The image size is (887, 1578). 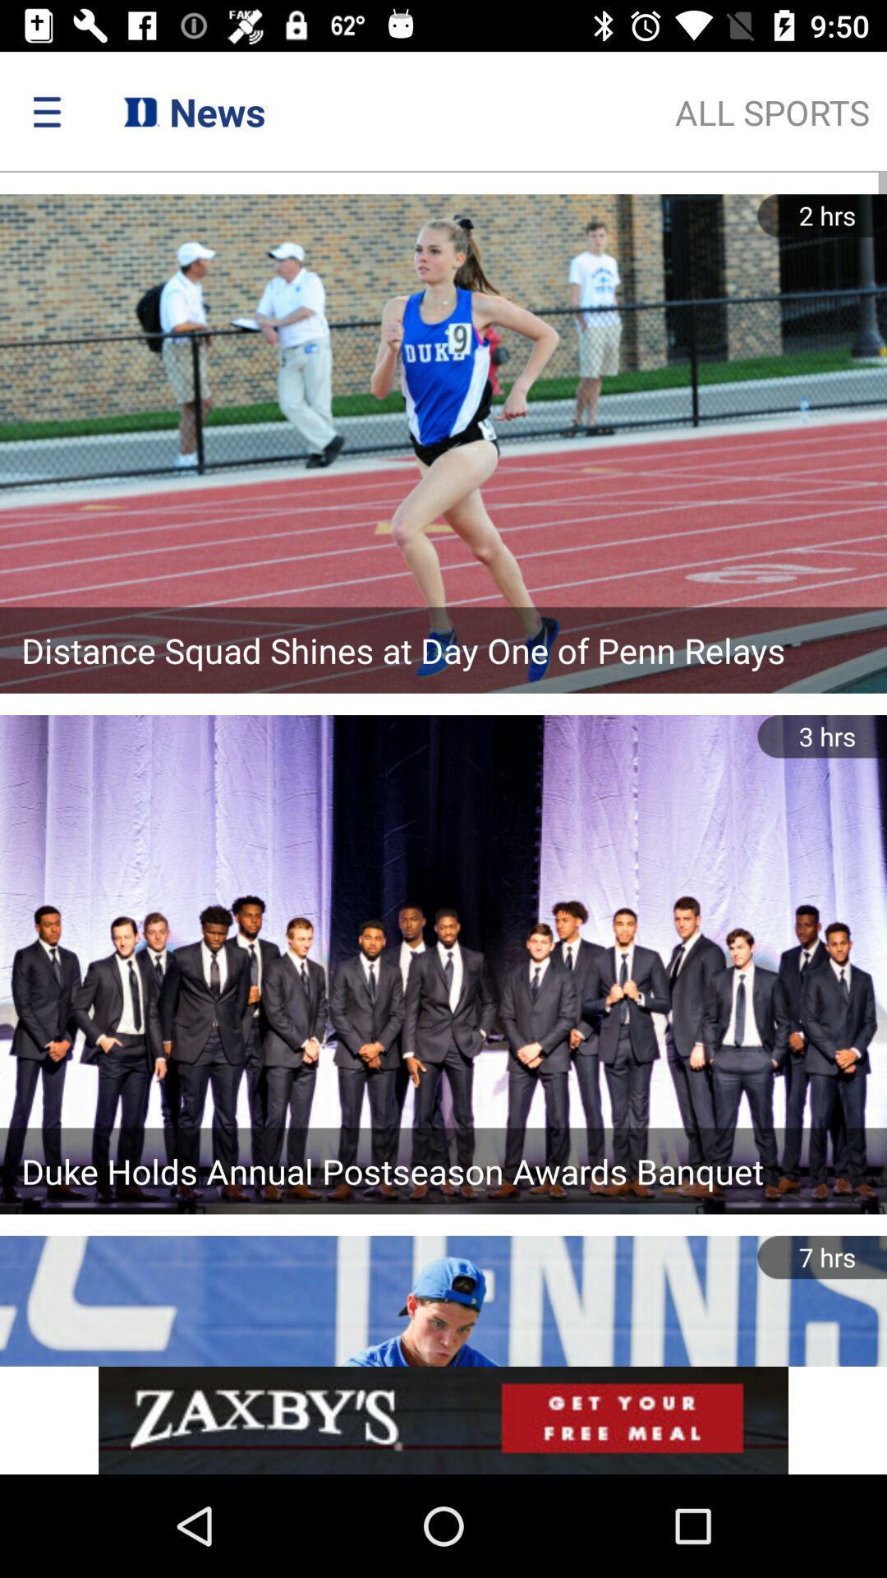 What do you see at coordinates (772, 112) in the screenshot?
I see `the text below time` at bounding box center [772, 112].